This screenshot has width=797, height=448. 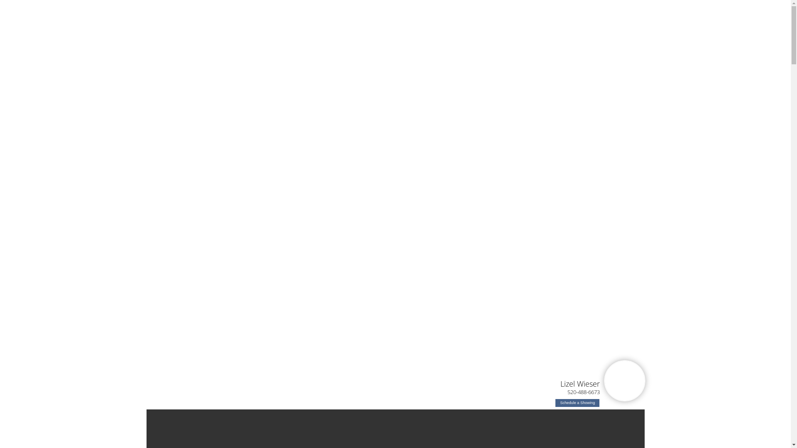 What do you see at coordinates (577, 402) in the screenshot?
I see `'Schedule a Showing'` at bounding box center [577, 402].